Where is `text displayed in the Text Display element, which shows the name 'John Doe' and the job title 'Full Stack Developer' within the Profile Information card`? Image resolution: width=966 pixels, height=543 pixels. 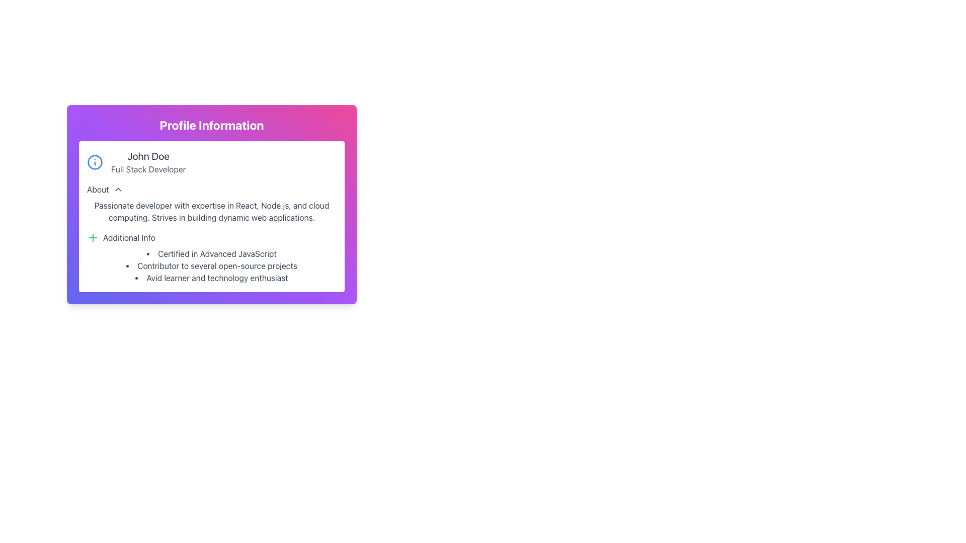
text displayed in the Text Display element, which shows the name 'John Doe' and the job title 'Full Stack Developer' within the Profile Information card is located at coordinates (148, 162).